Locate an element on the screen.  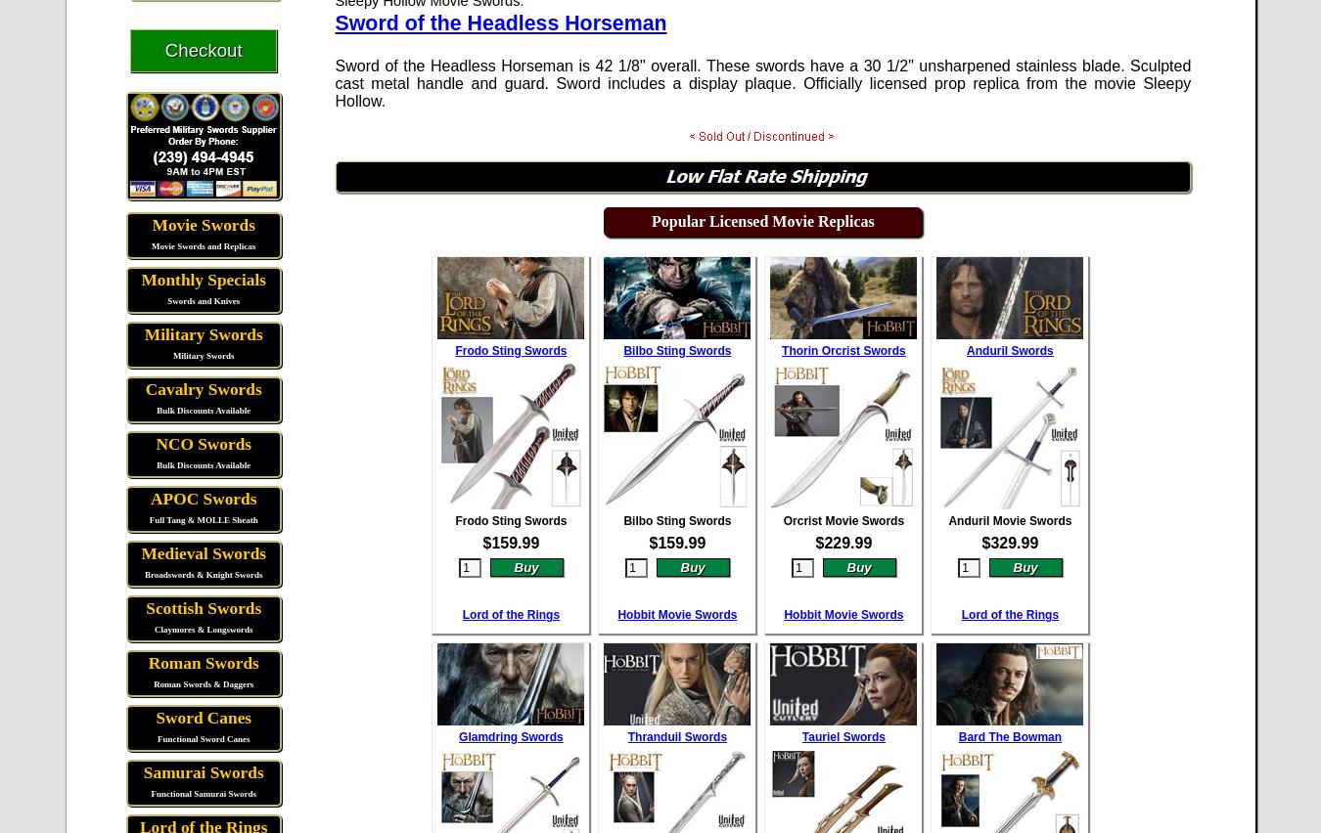
'Roman Swords & Daggers' is located at coordinates (204, 684).